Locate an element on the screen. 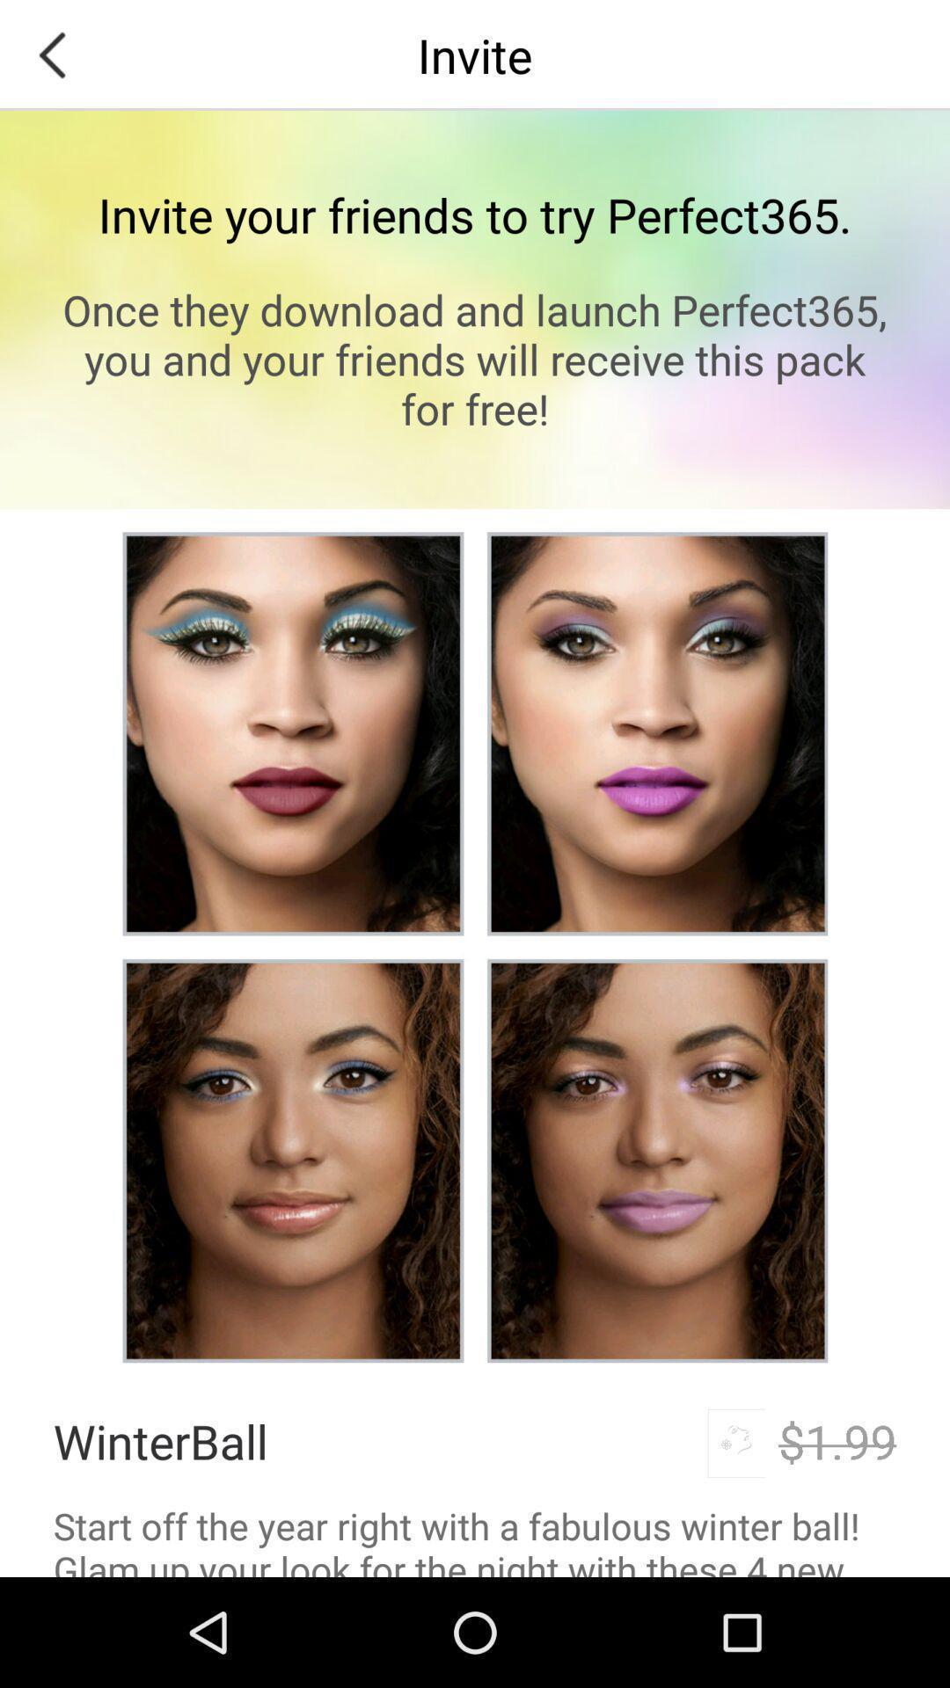 This screenshot has height=1688, width=950. the start off the item is located at coordinates (475, 1538).